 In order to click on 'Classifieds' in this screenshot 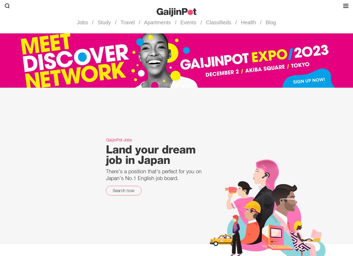, I will do `click(219, 22)`.